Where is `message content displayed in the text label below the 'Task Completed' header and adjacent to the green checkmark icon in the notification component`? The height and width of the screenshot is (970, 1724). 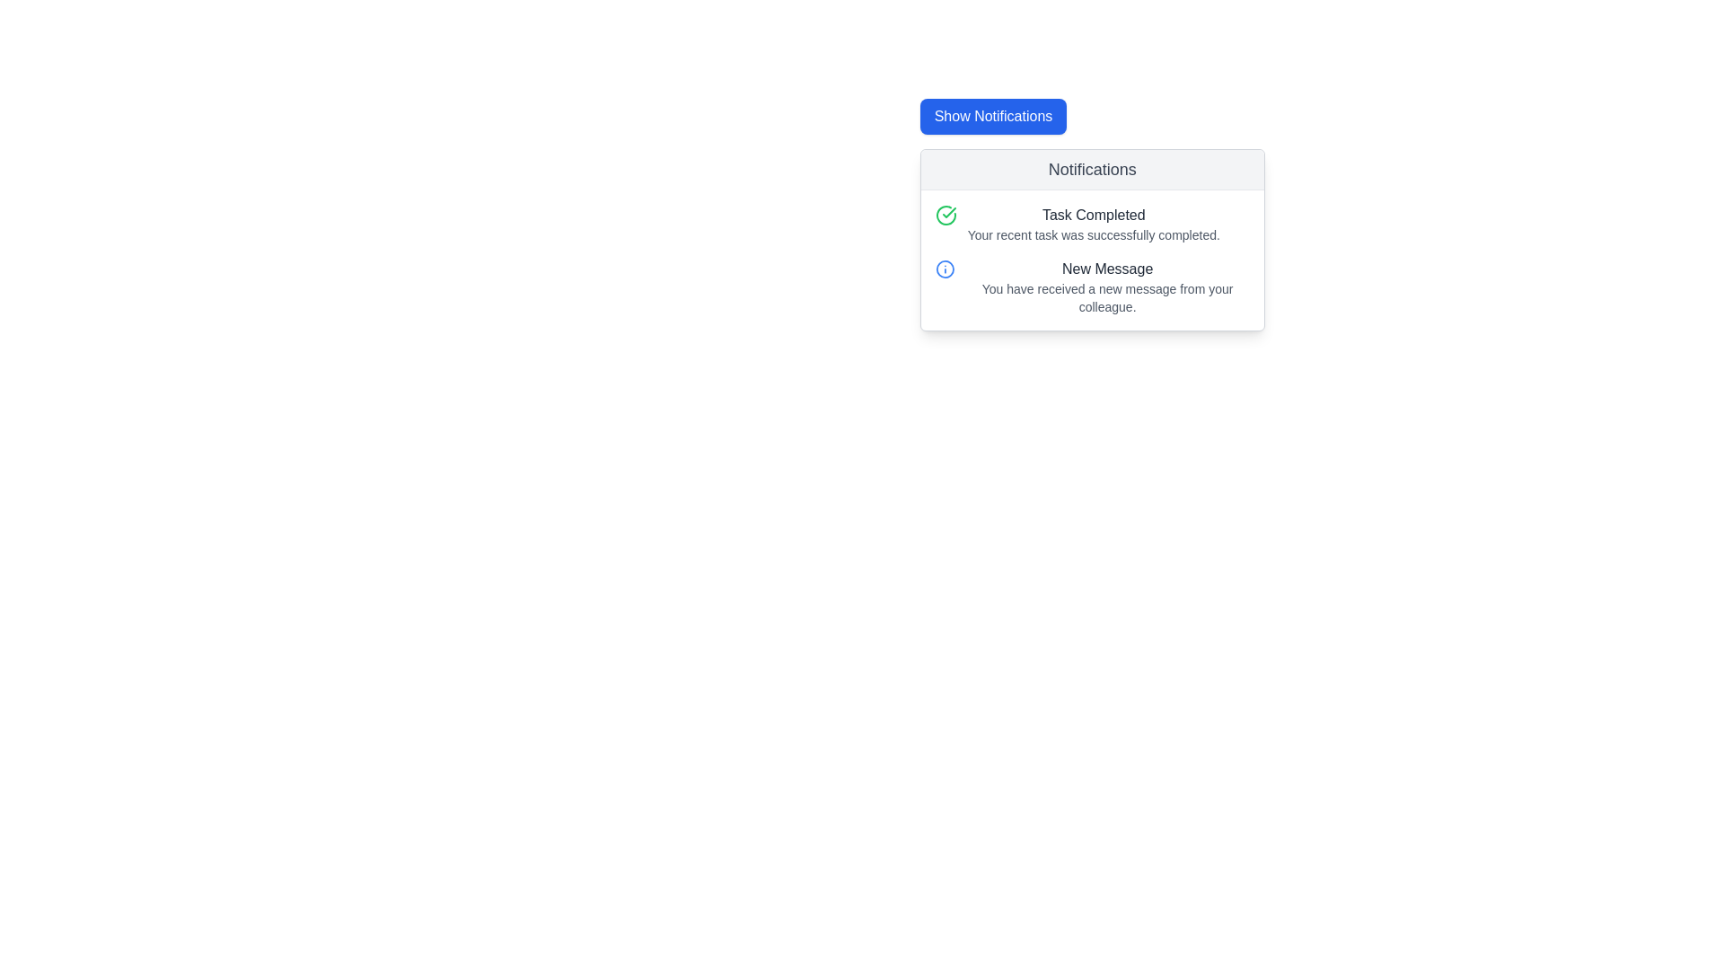 message content displayed in the text label below the 'Task Completed' header and adjacent to the green checkmark icon in the notification component is located at coordinates (1093, 234).